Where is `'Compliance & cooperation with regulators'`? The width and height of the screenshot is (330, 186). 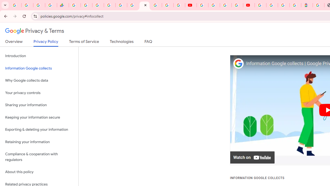
'Compliance & cooperation with regulators' is located at coordinates (39, 157).